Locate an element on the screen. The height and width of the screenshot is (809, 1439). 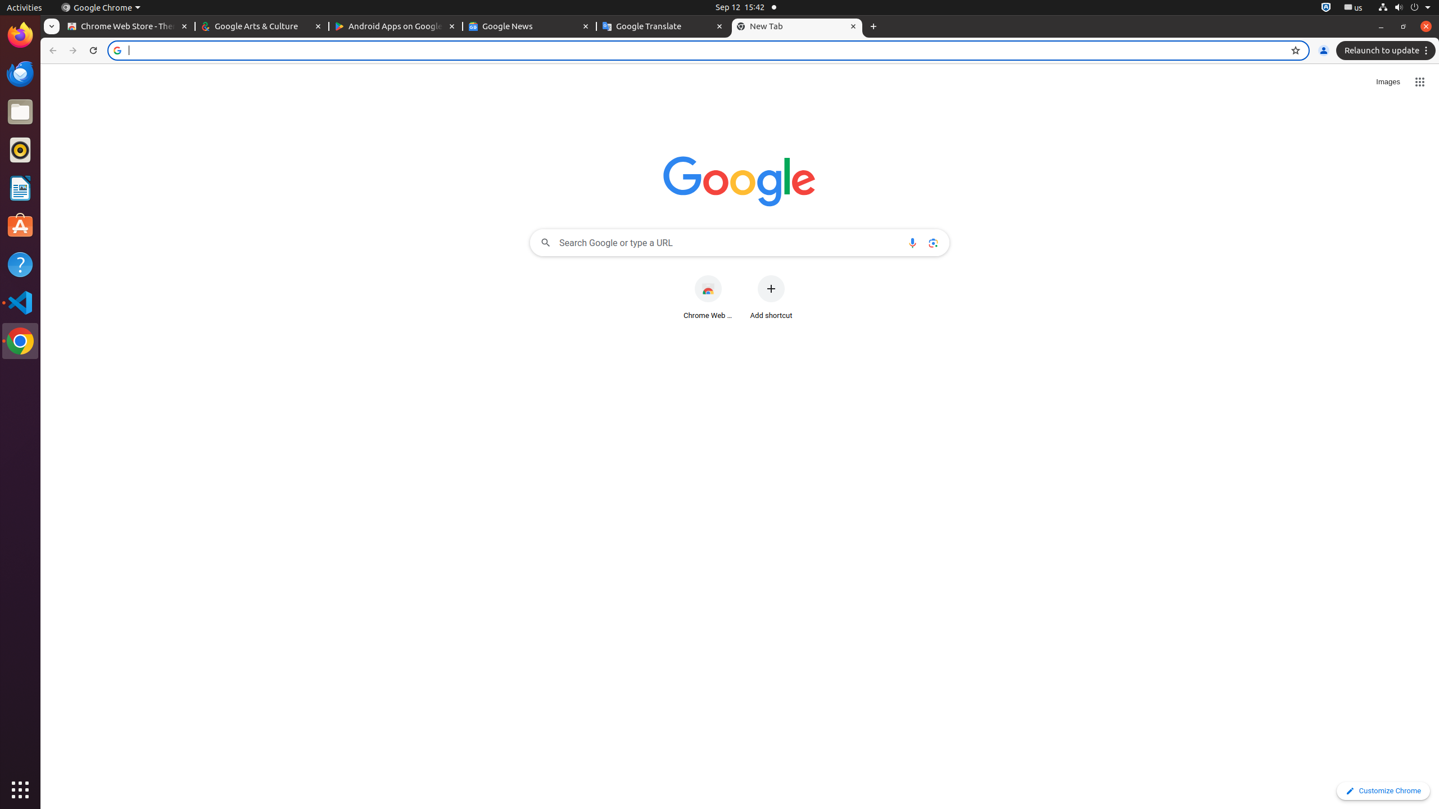
'Help' is located at coordinates (20, 265).